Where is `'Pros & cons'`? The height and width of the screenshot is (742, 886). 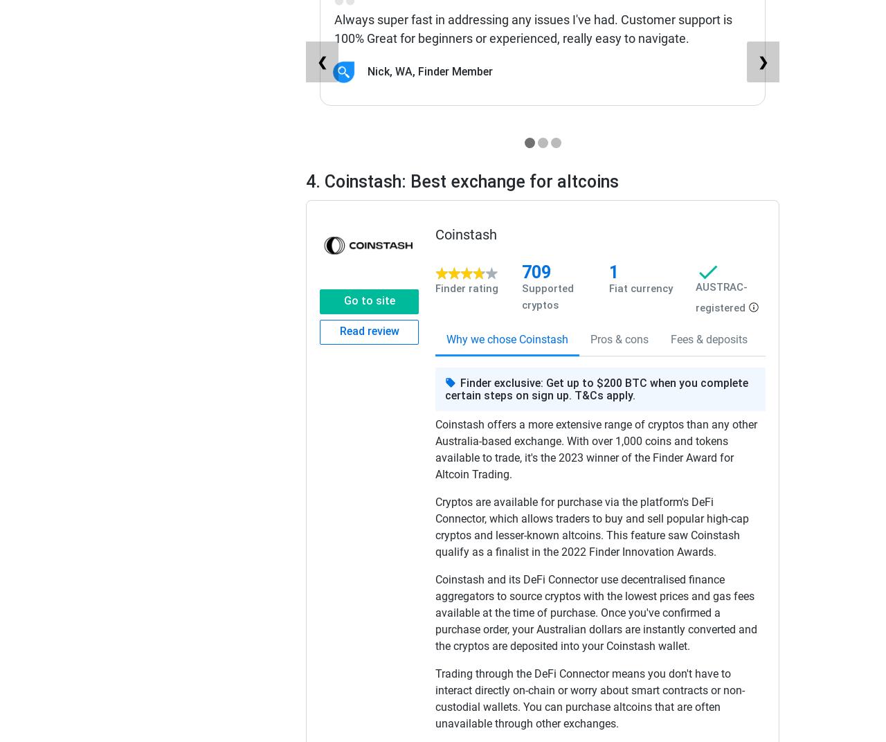
'Pros & cons' is located at coordinates (618, 339).